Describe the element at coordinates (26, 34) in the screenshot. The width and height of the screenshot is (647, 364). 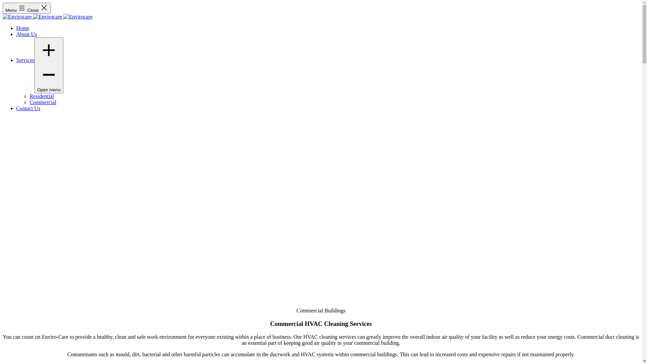
I see `'About Us'` at that location.